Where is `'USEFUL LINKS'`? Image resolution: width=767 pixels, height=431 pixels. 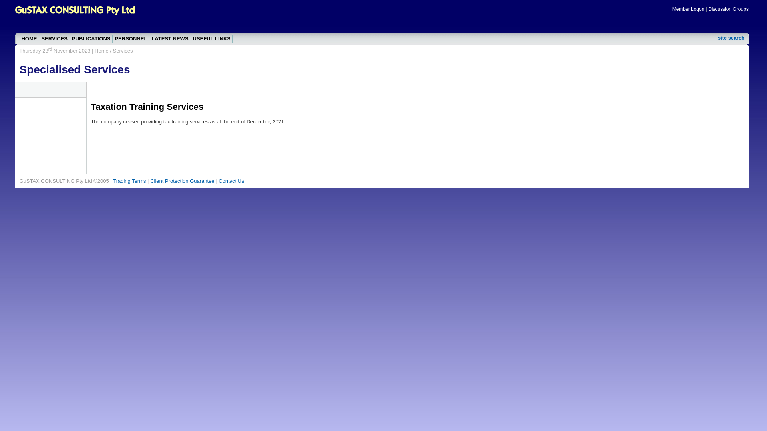
'USEFUL LINKS' is located at coordinates (212, 39).